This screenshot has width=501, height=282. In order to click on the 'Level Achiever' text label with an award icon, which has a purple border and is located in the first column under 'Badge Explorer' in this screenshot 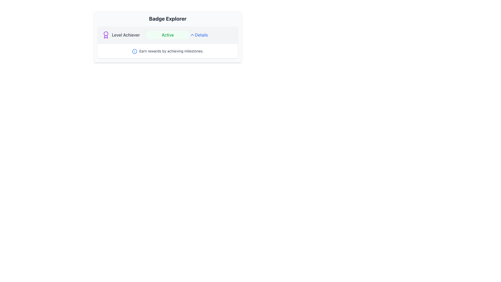, I will do `click(124, 35)`.